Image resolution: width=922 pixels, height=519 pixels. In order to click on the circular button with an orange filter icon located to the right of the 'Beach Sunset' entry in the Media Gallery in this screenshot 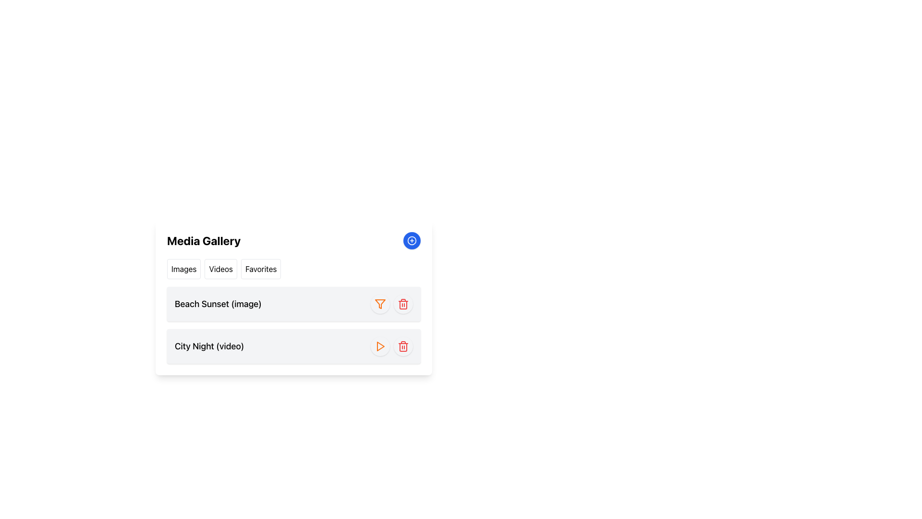, I will do `click(380, 304)`.